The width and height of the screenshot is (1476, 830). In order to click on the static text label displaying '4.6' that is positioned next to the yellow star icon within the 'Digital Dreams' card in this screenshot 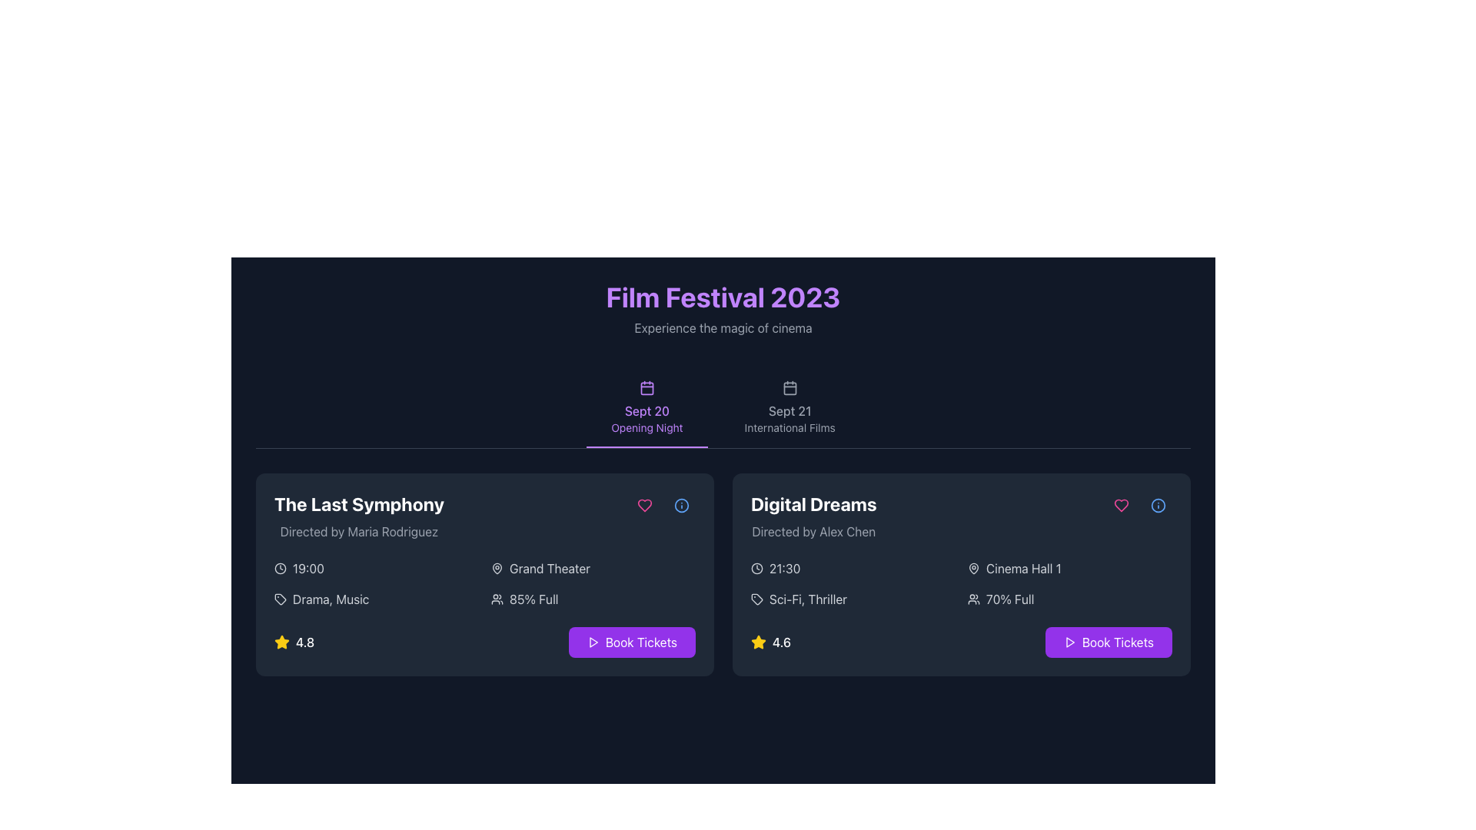, I will do `click(782, 642)`.